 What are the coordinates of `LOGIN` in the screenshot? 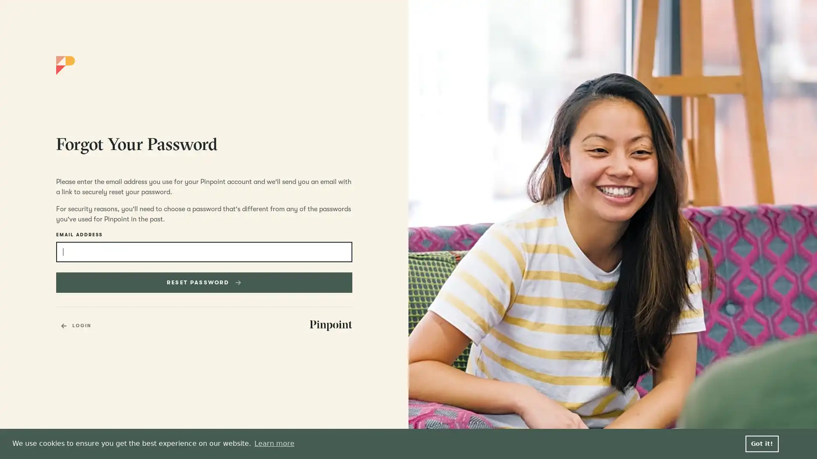 It's located at (76, 325).